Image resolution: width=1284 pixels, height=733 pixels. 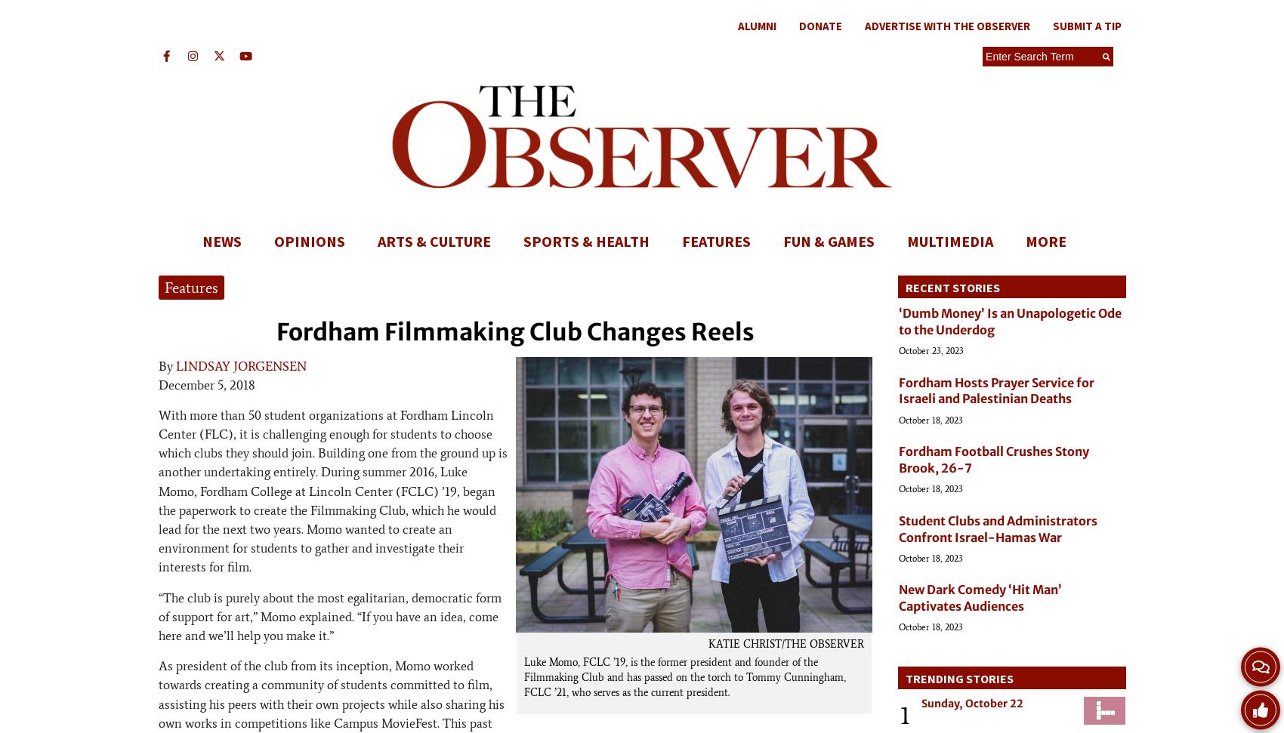 What do you see at coordinates (191, 287) in the screenshot?
I see `'Features'` at bounding box center [191, 287].